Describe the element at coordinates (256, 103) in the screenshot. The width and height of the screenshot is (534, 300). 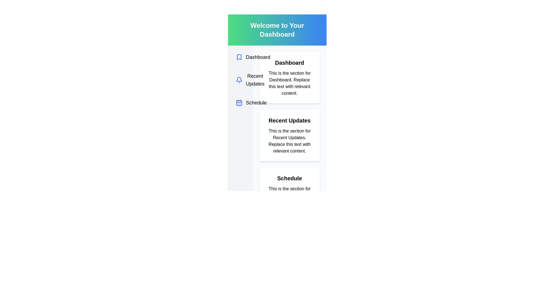
I see `the 'Schedule' text label in the left-side navigation menu` at that location.